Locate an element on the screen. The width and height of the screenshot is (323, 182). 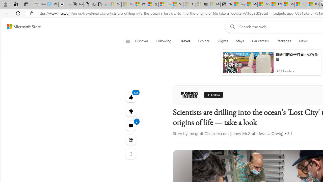
'Microsoft Services Agreement - Sleeping' is located at coordinates (128, 4).